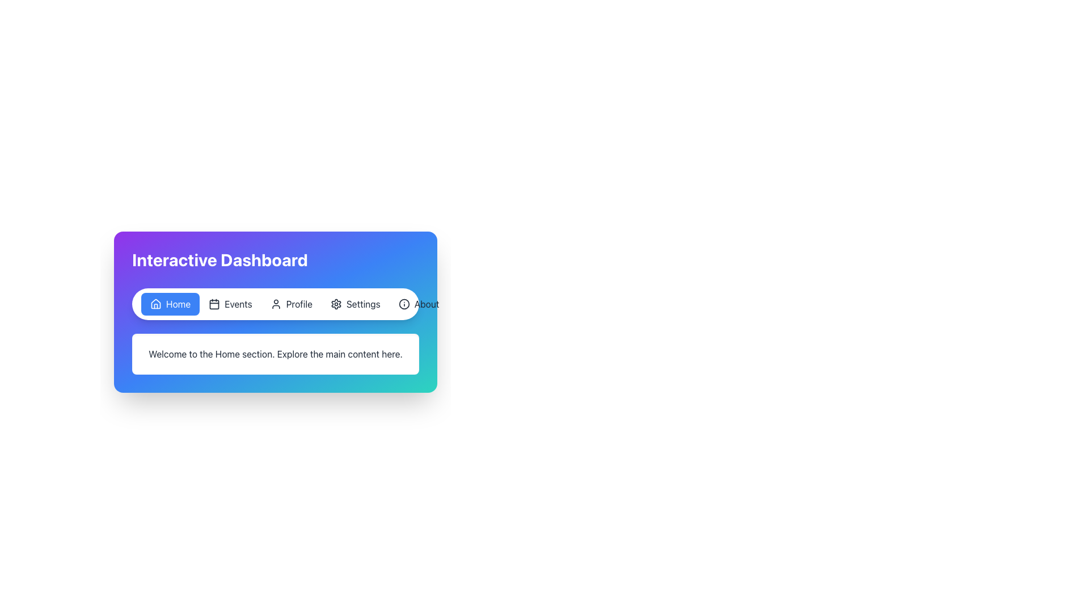 The image size is (1089, 613). Describe the element at coordinates (299, 304) in the screenshot. I see `the text label displaying 'Profile' in black, which is part of the horizontal navigation bar located next to the user silhouette icon` at that location.